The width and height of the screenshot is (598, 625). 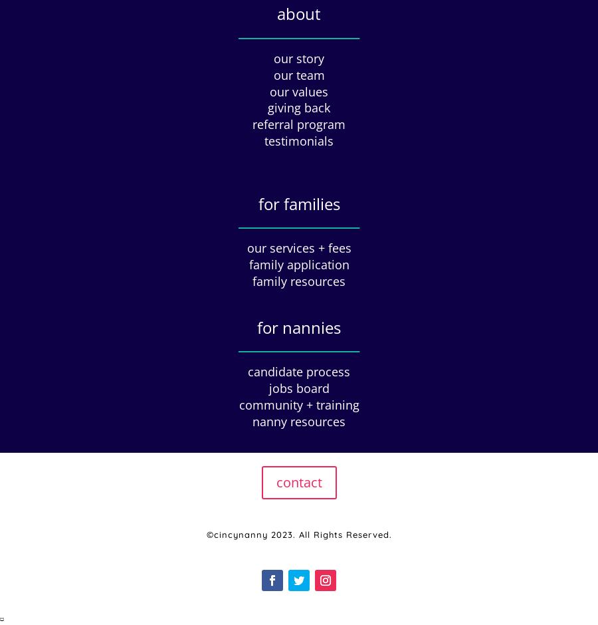 What do you see at coordinates (298, 534) in the screenshot?
I see `'©cincynanny 2023. All Rights Reserved.'` at bounding box center [298, 534].